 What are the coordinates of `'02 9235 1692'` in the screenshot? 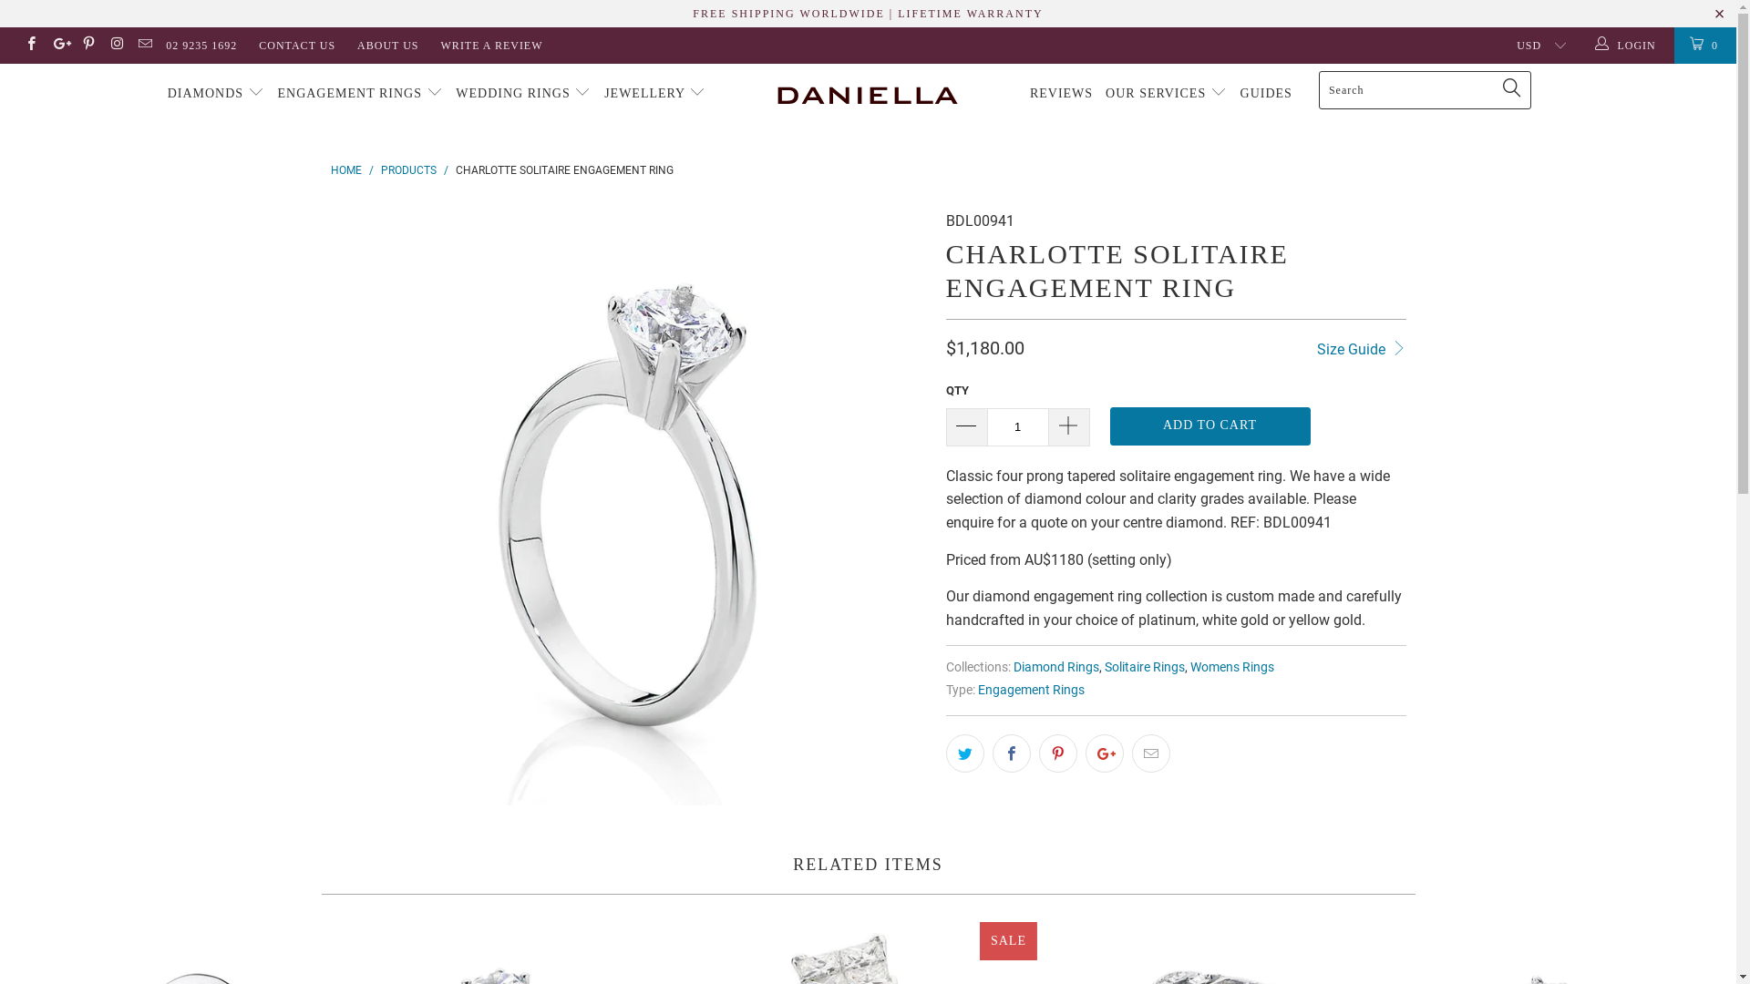 It's located at (201, 45).